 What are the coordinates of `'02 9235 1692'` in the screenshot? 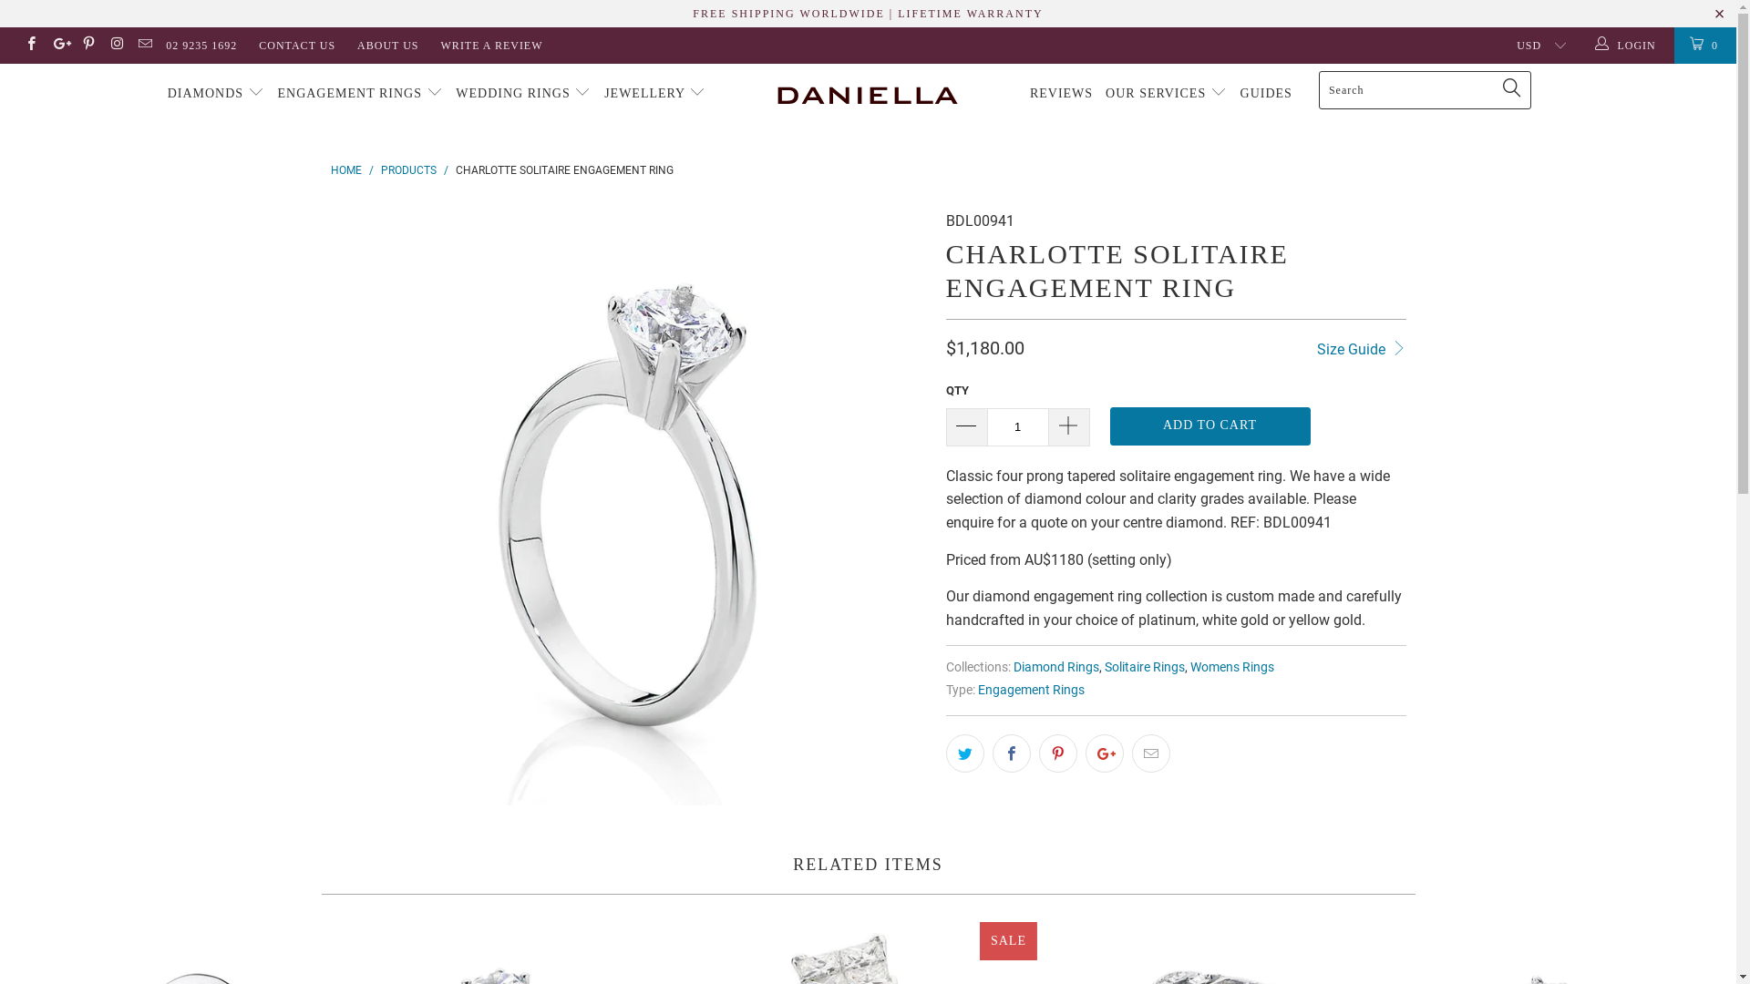 It's located at (201, 45).